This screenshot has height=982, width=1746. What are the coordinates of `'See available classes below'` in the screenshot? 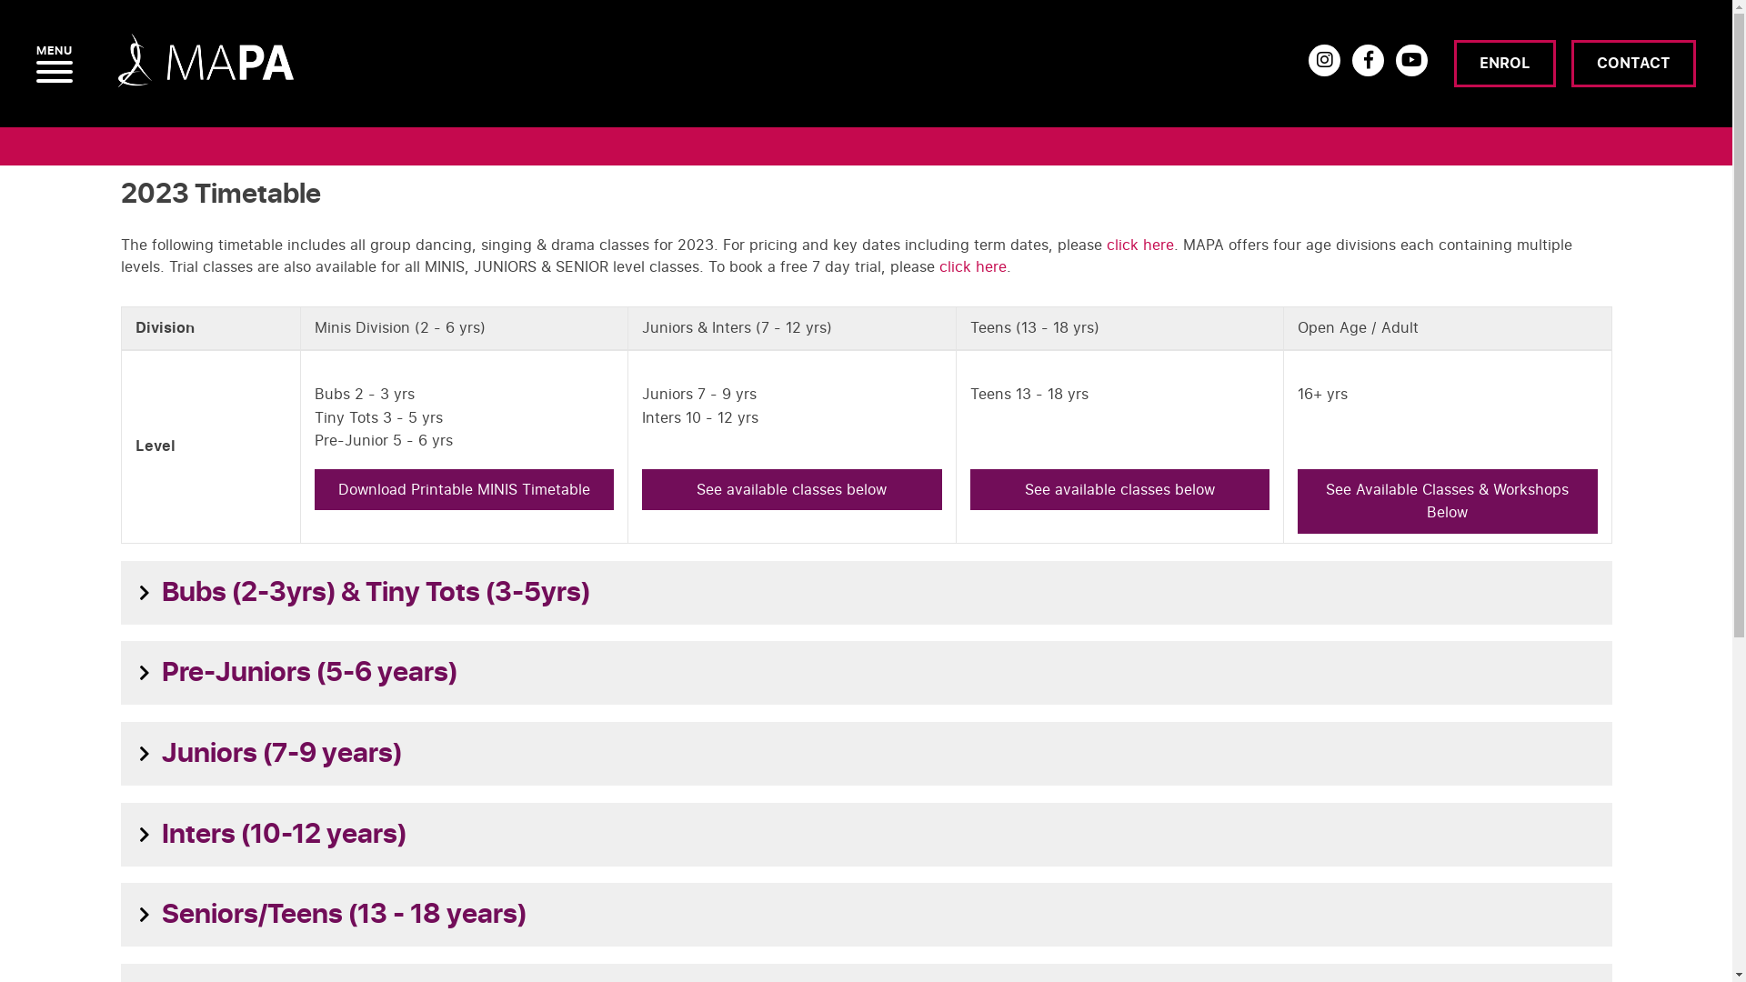 It's located at (968, 489).